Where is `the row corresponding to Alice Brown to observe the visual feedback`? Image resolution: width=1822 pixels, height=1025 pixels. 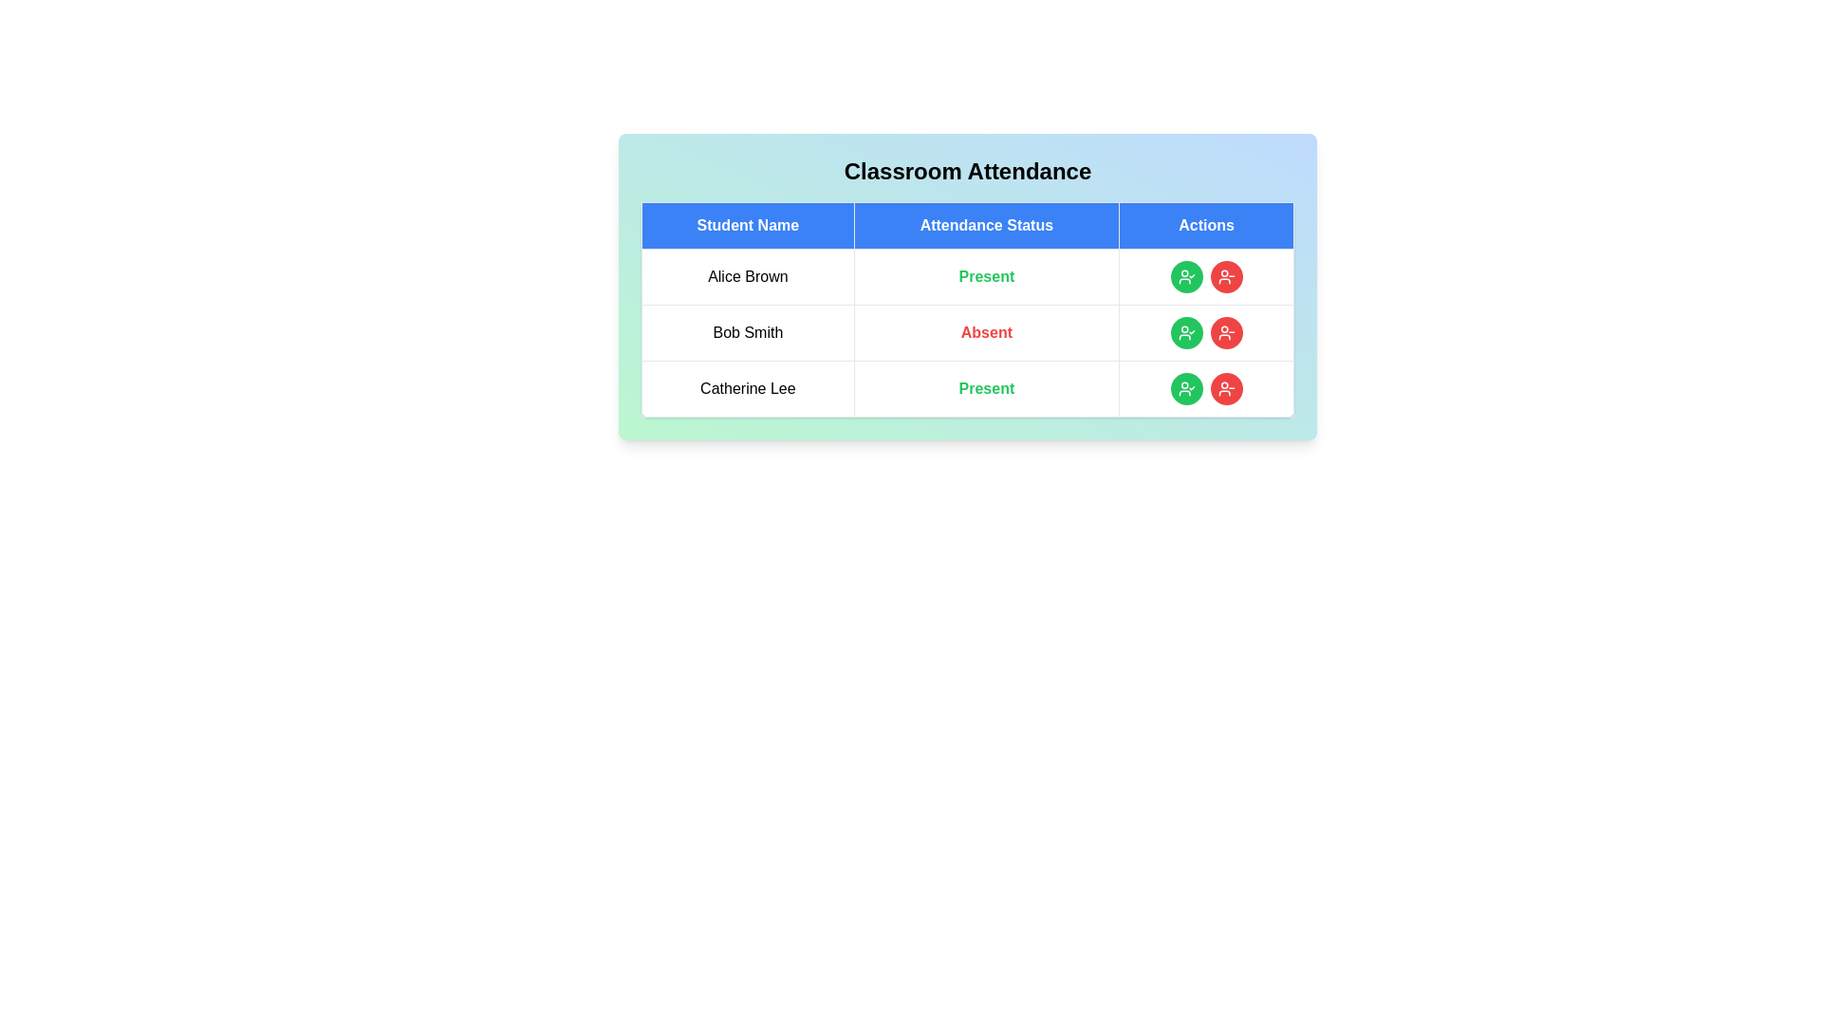
the row corresponding to Alice Brown to observe the visual feedback is located at coordinates (967, 277).